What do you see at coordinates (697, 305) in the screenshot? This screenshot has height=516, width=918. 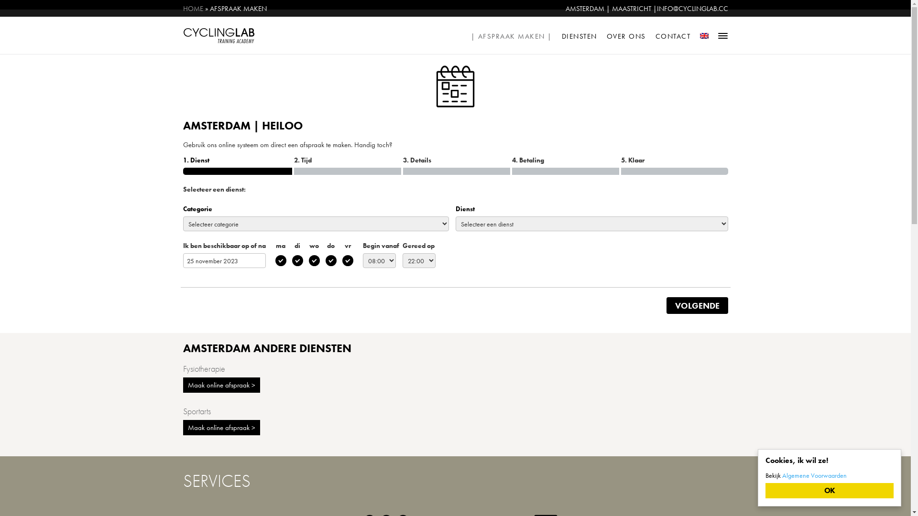 I see `'VOLGENDE'` at bounding box center [697, 305].